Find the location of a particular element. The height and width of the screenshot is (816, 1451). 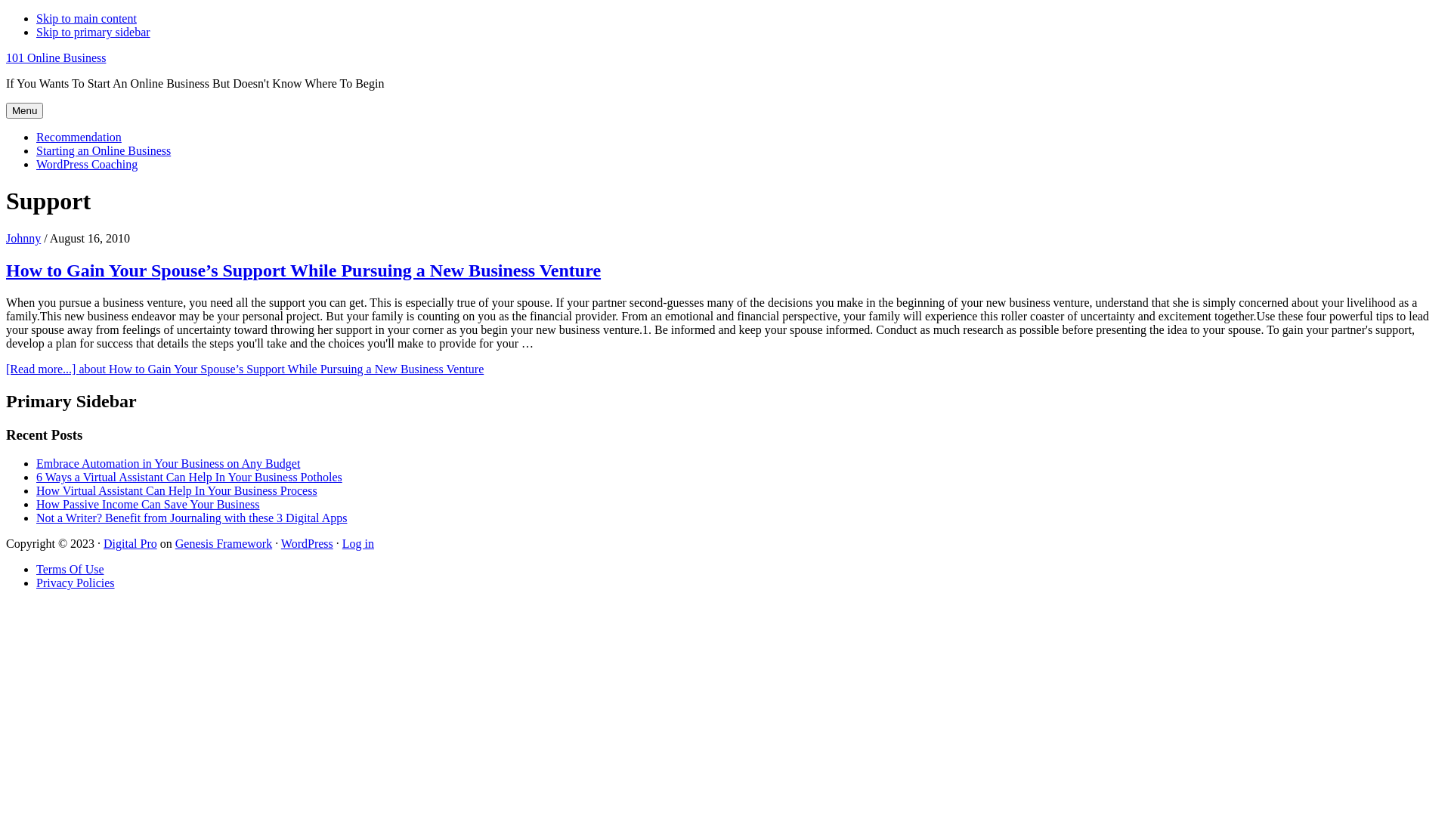

'Log in' is located at coordinates (357, 542).